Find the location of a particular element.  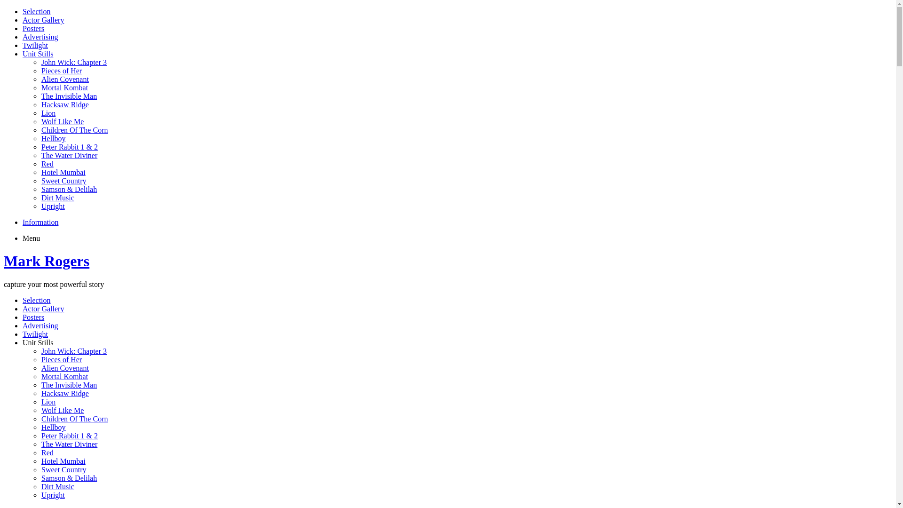

'Menu' is located at coordinates (31, 238).